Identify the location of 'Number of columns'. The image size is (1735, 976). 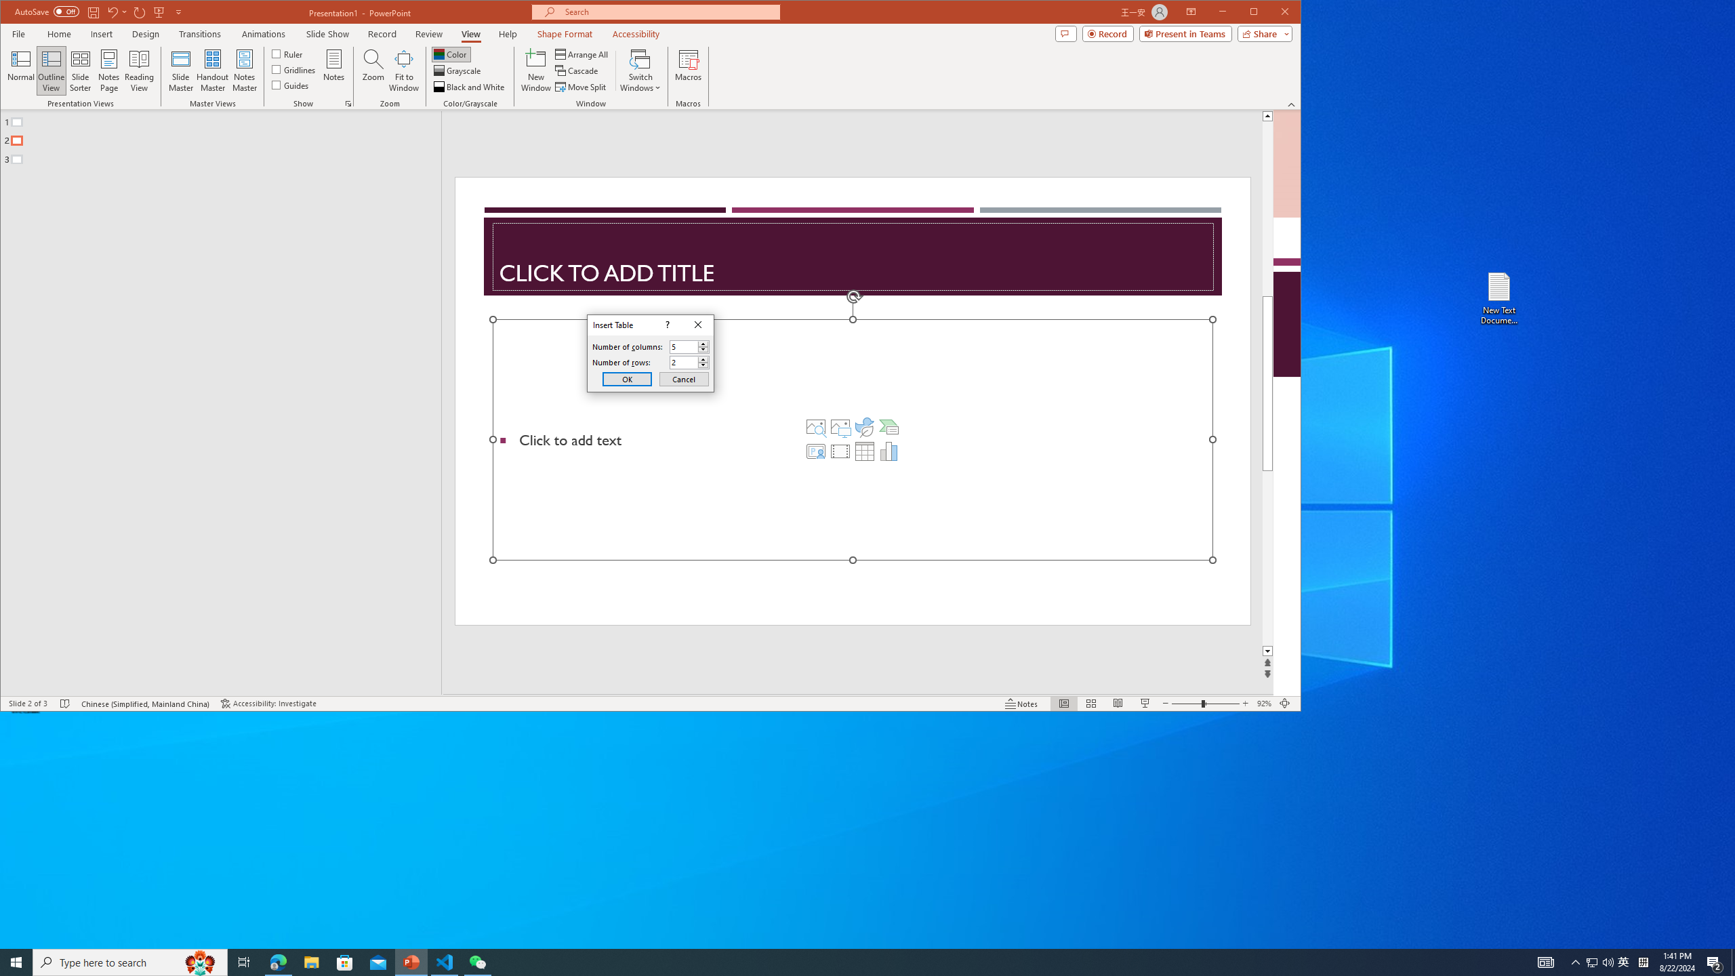
(689, 346).